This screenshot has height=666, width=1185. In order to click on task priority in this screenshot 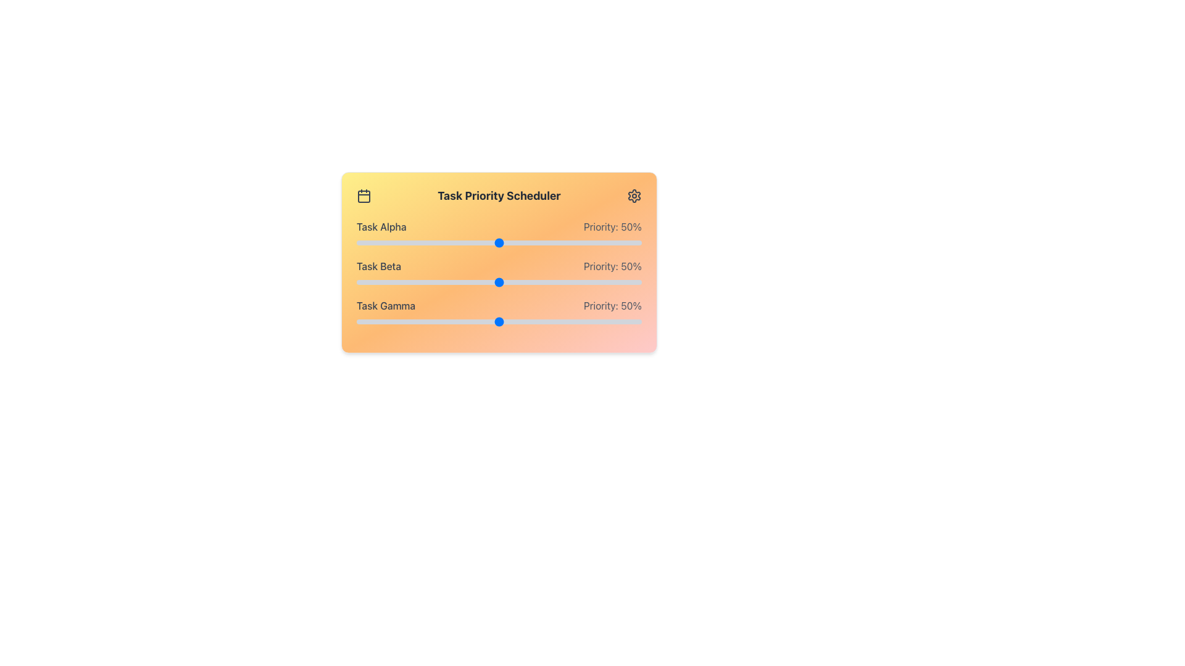, I will do `click(399, 321)`.